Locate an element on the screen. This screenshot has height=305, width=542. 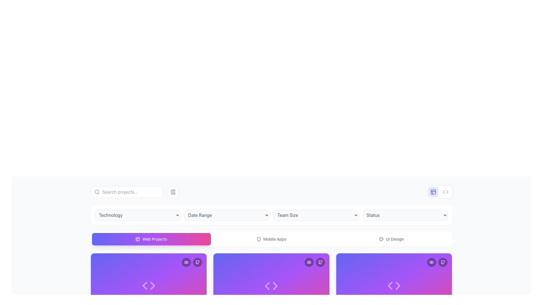
the smartphone icon representing mobile-related content within the 'Mobile Apps' tab at the top center of the interface is located at coordinates (258, 239).